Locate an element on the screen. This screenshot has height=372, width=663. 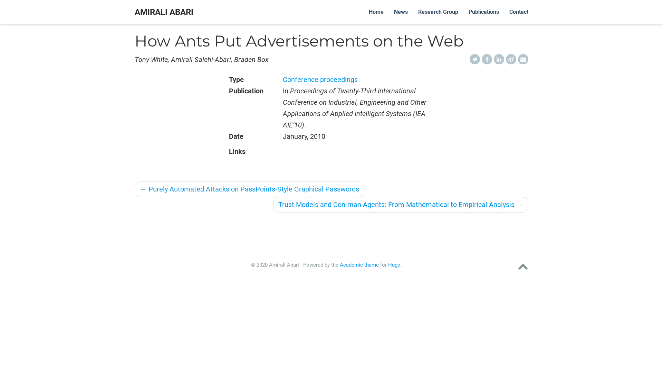
'AMIRALI ABARI' is located at coordinates (164, 12).